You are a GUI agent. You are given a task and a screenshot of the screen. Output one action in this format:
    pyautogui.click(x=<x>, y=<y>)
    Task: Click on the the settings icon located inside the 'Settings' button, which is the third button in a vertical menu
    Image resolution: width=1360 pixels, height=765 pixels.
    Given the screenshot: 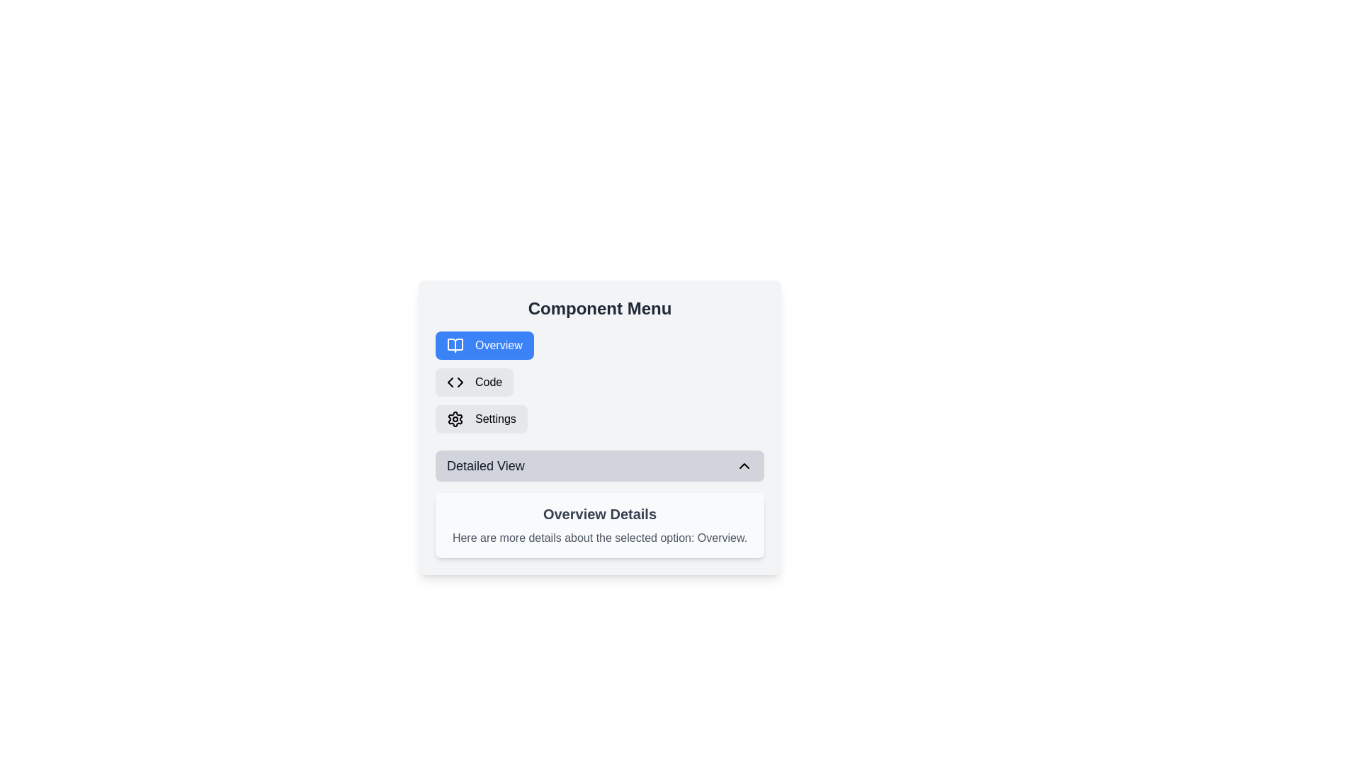 What is the action you would take?
    pyautogui.click(x=455, y=418)
    